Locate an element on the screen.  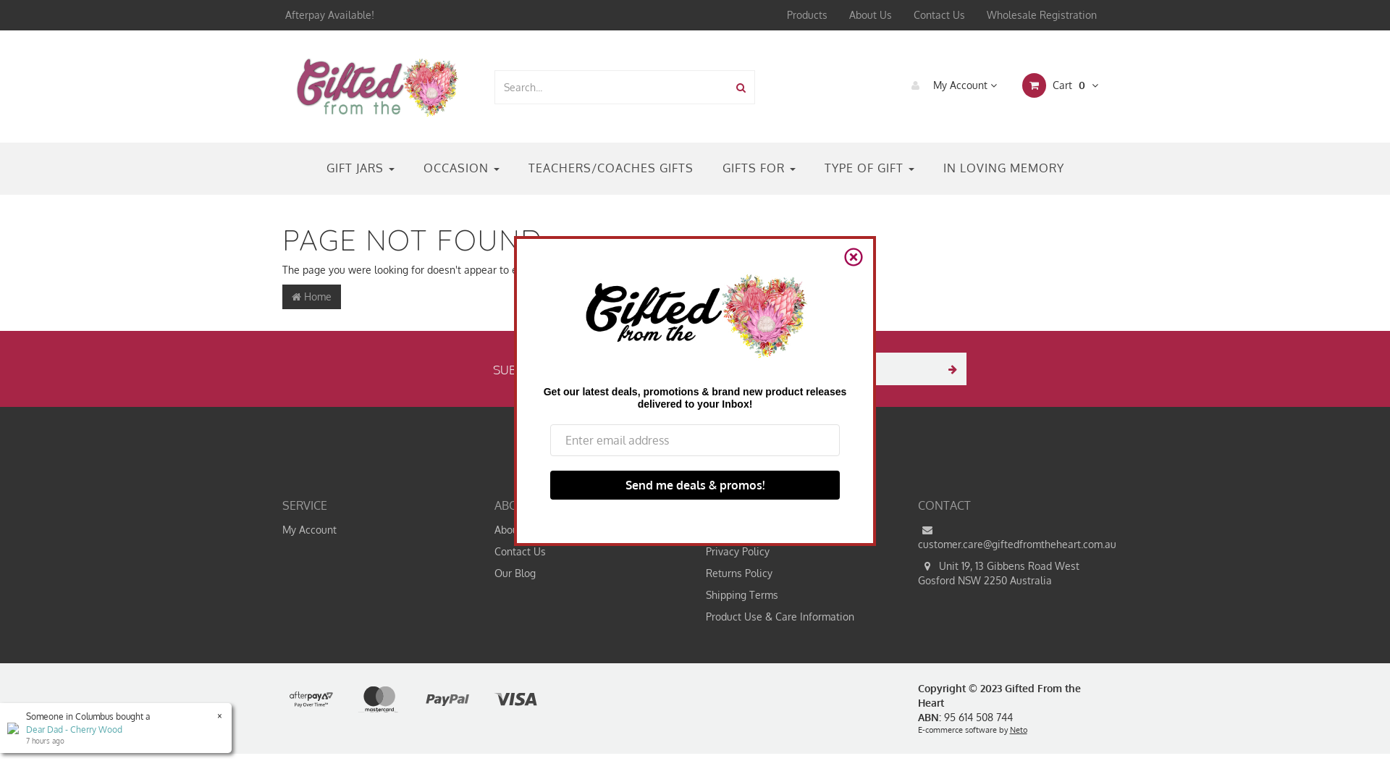
'TEACHERS/COACHES GIFTS' is located at coordinates (611, 167).